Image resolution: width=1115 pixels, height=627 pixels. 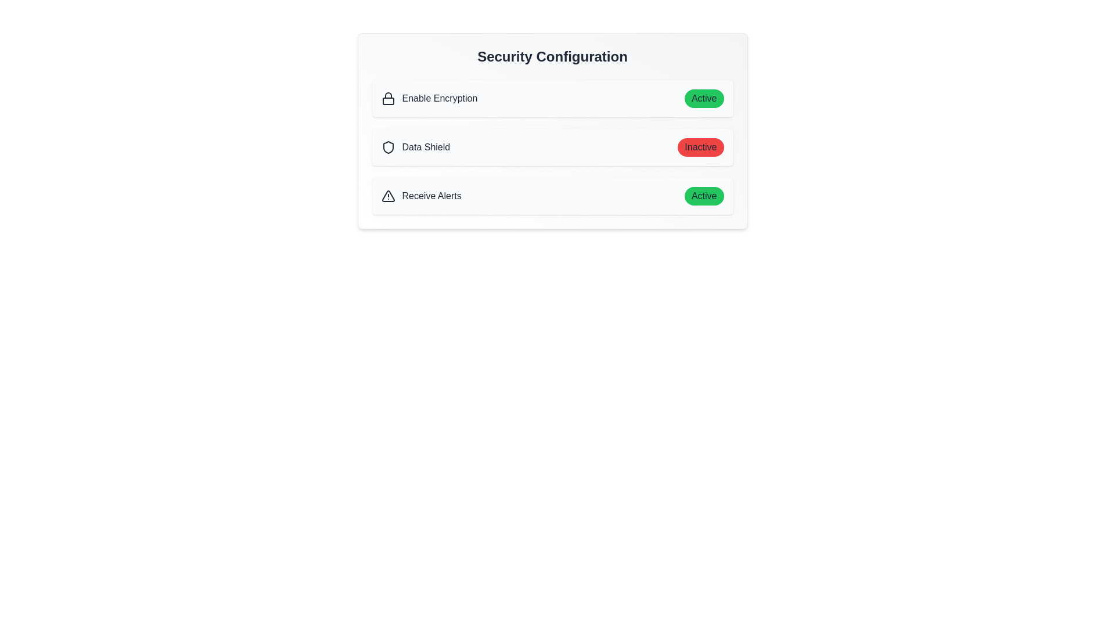 I want to click on shield icon element which is part of the 'Data Shield' row, located to the left of the text 'Data Shield', so click(x=388, y=147).